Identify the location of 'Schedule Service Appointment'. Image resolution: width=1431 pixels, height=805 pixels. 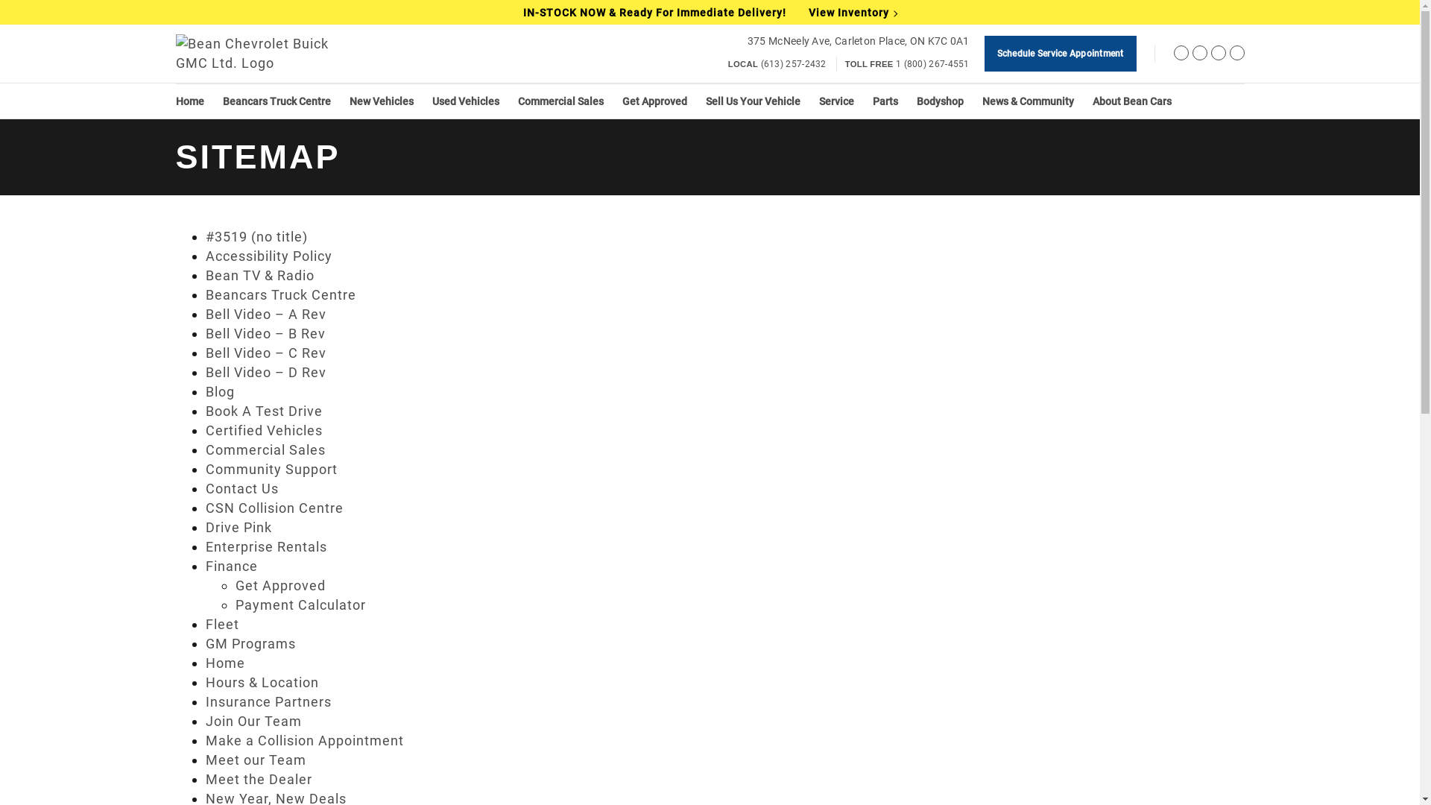
(1059, 53).